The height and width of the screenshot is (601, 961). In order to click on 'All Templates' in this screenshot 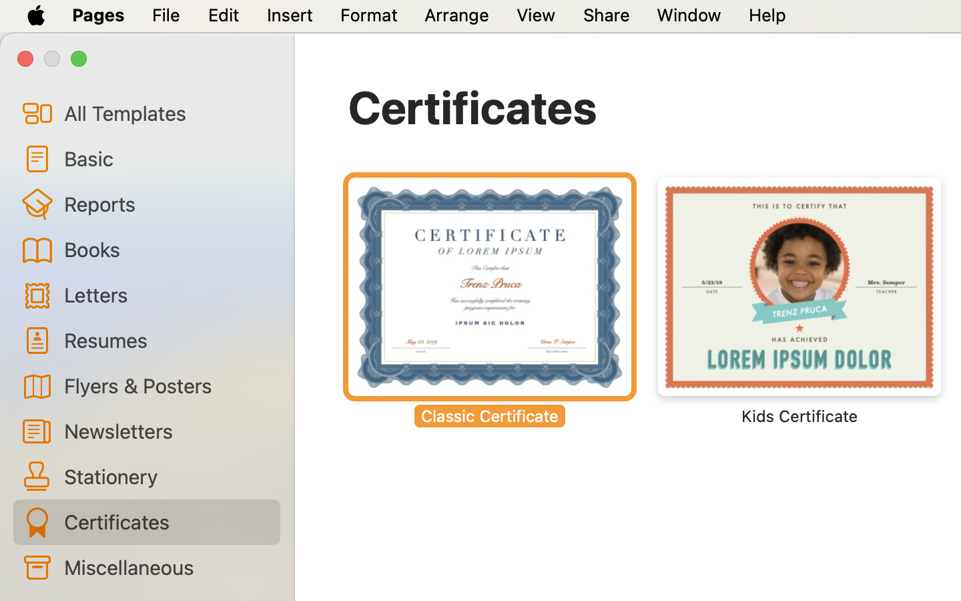, I will do `click(166, 113)`.